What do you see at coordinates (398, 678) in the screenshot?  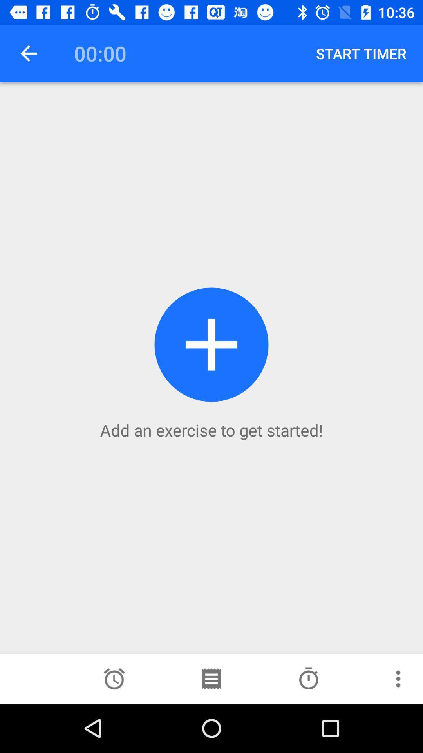 I see `more information` at bounding box center [398, 678].